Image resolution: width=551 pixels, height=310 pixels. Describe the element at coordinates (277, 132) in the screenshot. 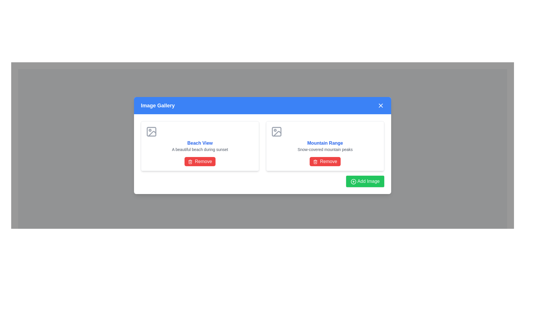

I see `the SVG subcomponent representing a rounded rectangle within the 'Mountain Range' card image placeholder in the gallery interface` at that location.